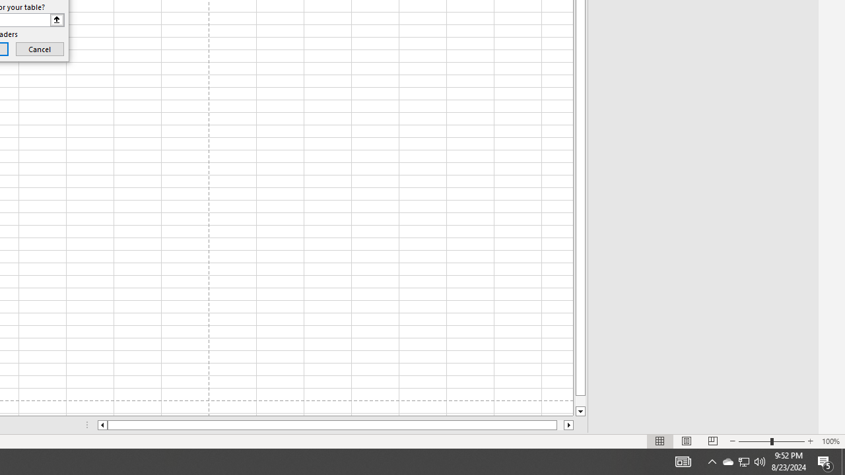  I want to click on 'Line down', so click(580, 411).